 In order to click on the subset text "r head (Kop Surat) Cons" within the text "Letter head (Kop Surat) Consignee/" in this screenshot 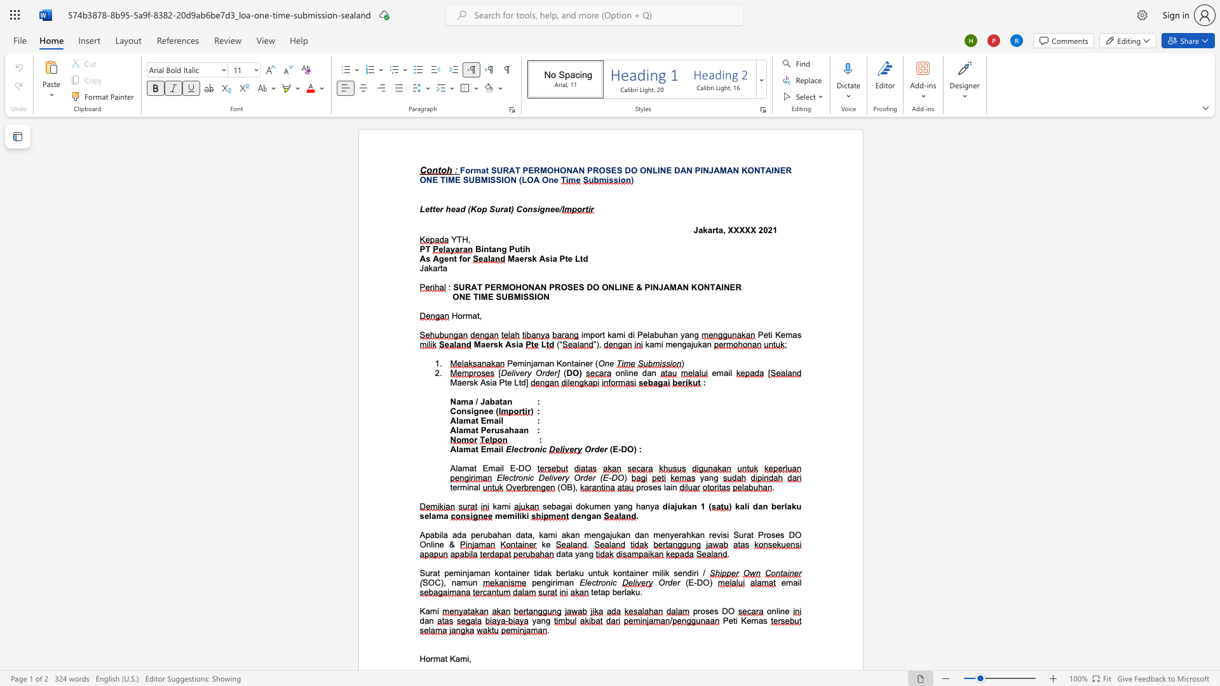, I will do `click(440, 208)`.